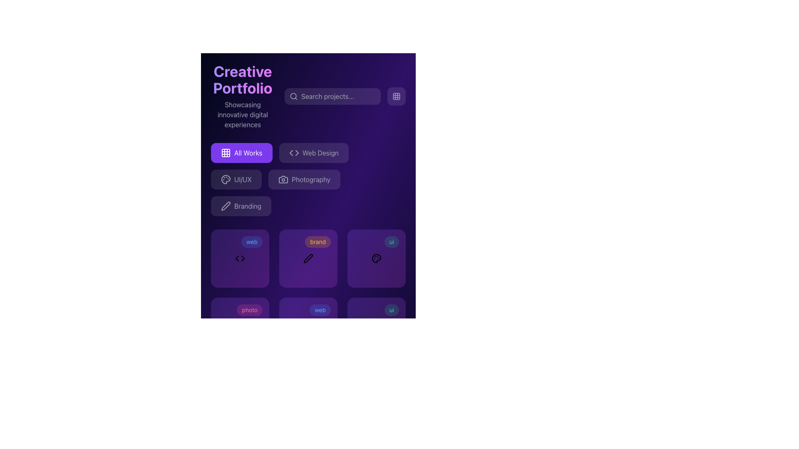 Image resolution: width=799 pixels, height=449 pixels. Describe the element at coordinates (294, 153) in the screenshot. I see `the decorative icon associated with the 'Web Design' category, which is located to the left of the 'Web Design' button in the second row of menu options` at that location.